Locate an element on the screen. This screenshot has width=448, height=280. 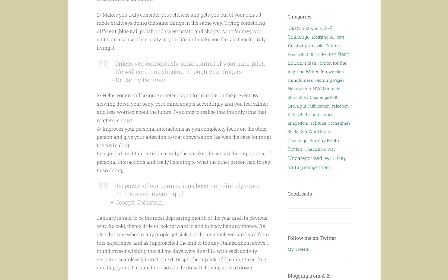
'drabble' is located at coordinates (316, 45).